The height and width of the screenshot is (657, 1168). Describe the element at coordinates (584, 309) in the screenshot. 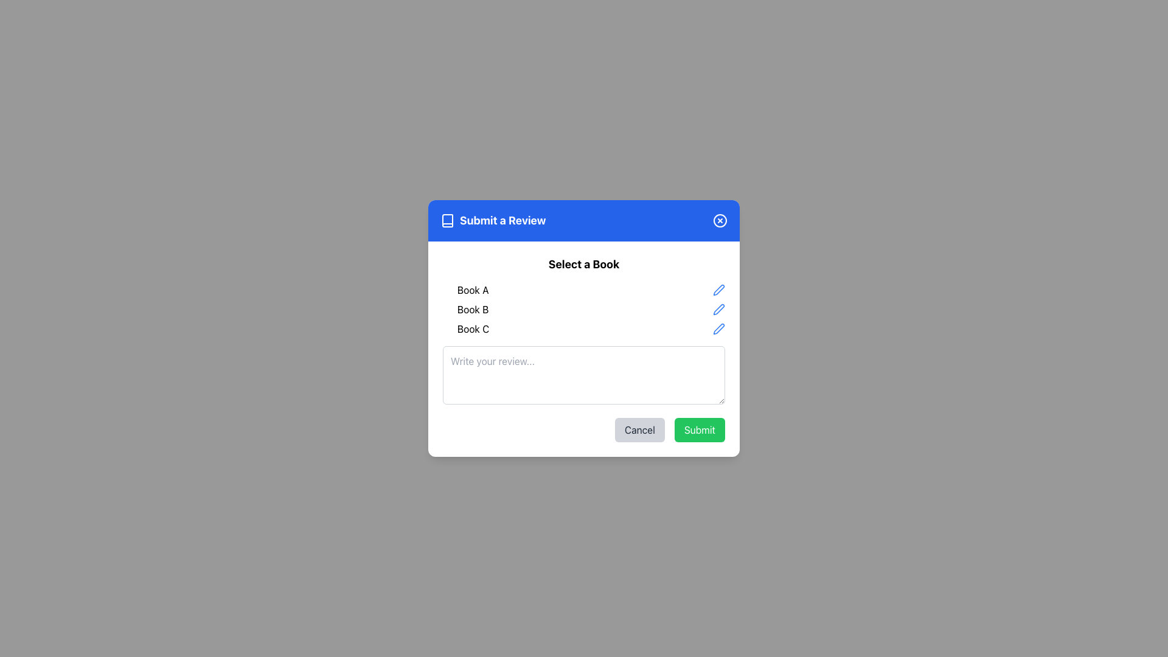

I see `any item in the List of Items with Icons in the 'Submit a Review' modal` at that location.